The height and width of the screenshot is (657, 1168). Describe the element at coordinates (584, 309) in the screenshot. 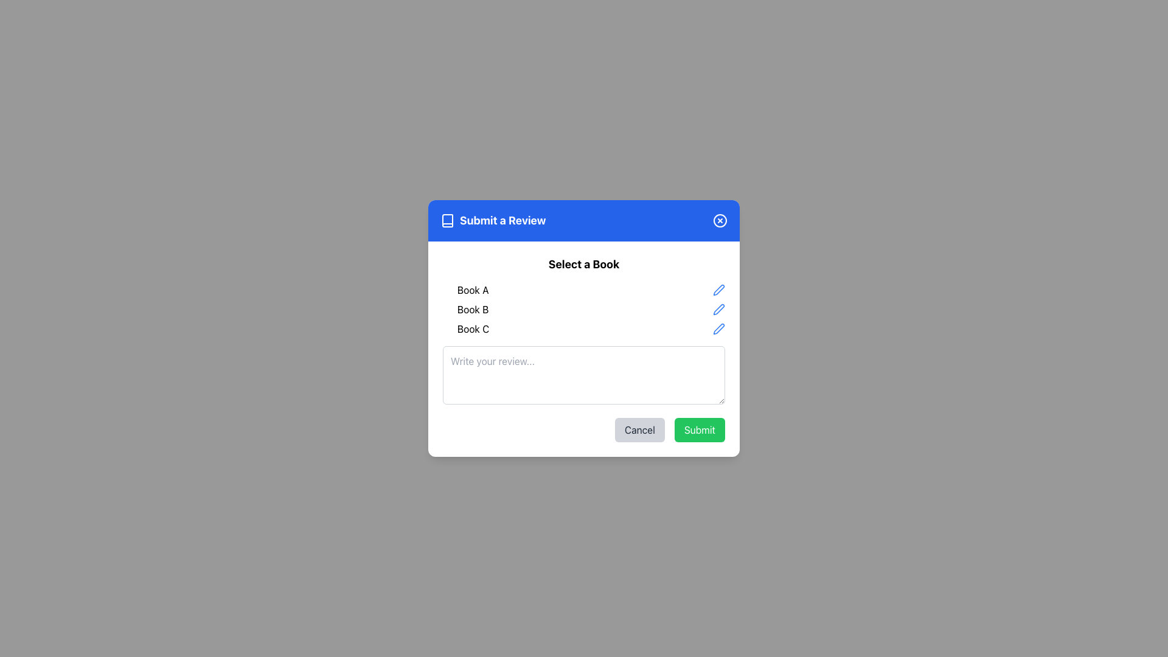

I see `any item in the List of Items with Icons in the 'Submit a Review' modal` at that location.